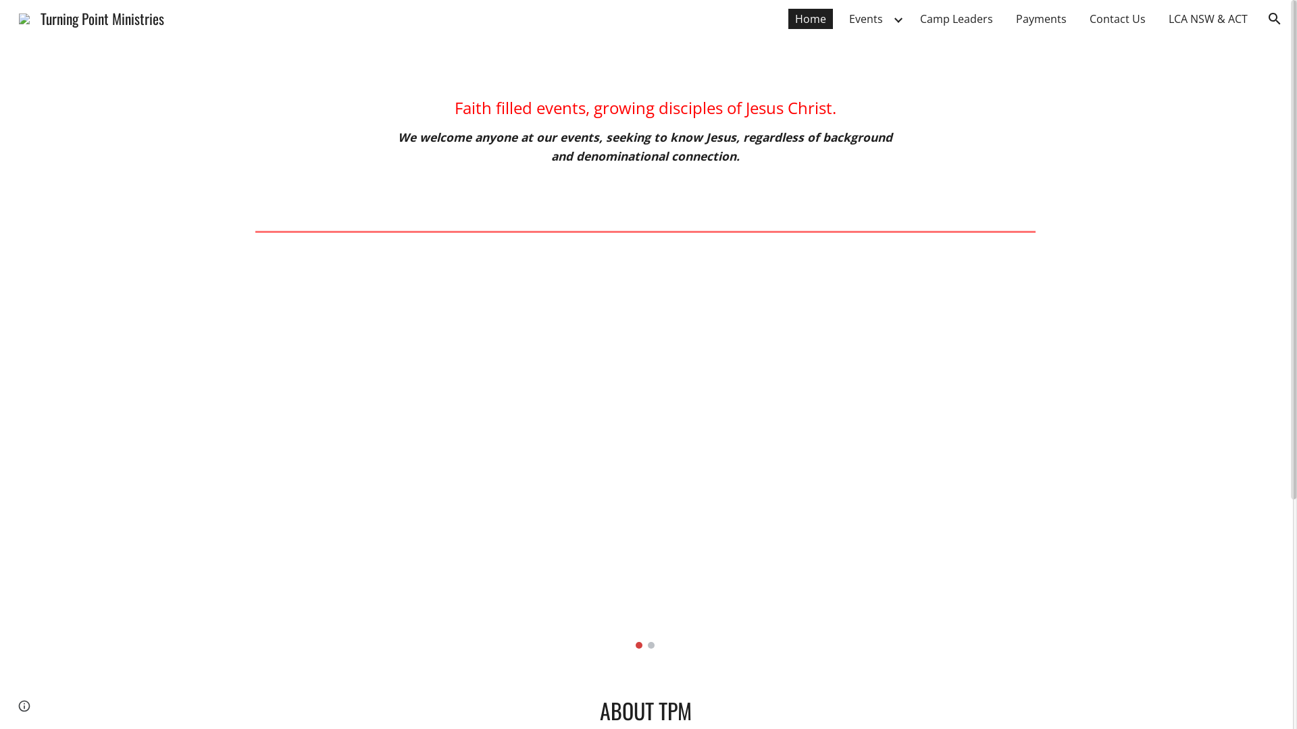 The height and width of the screenshot is (729, 1297). I want to click on 'Camp Leaders', so click(956, 18).